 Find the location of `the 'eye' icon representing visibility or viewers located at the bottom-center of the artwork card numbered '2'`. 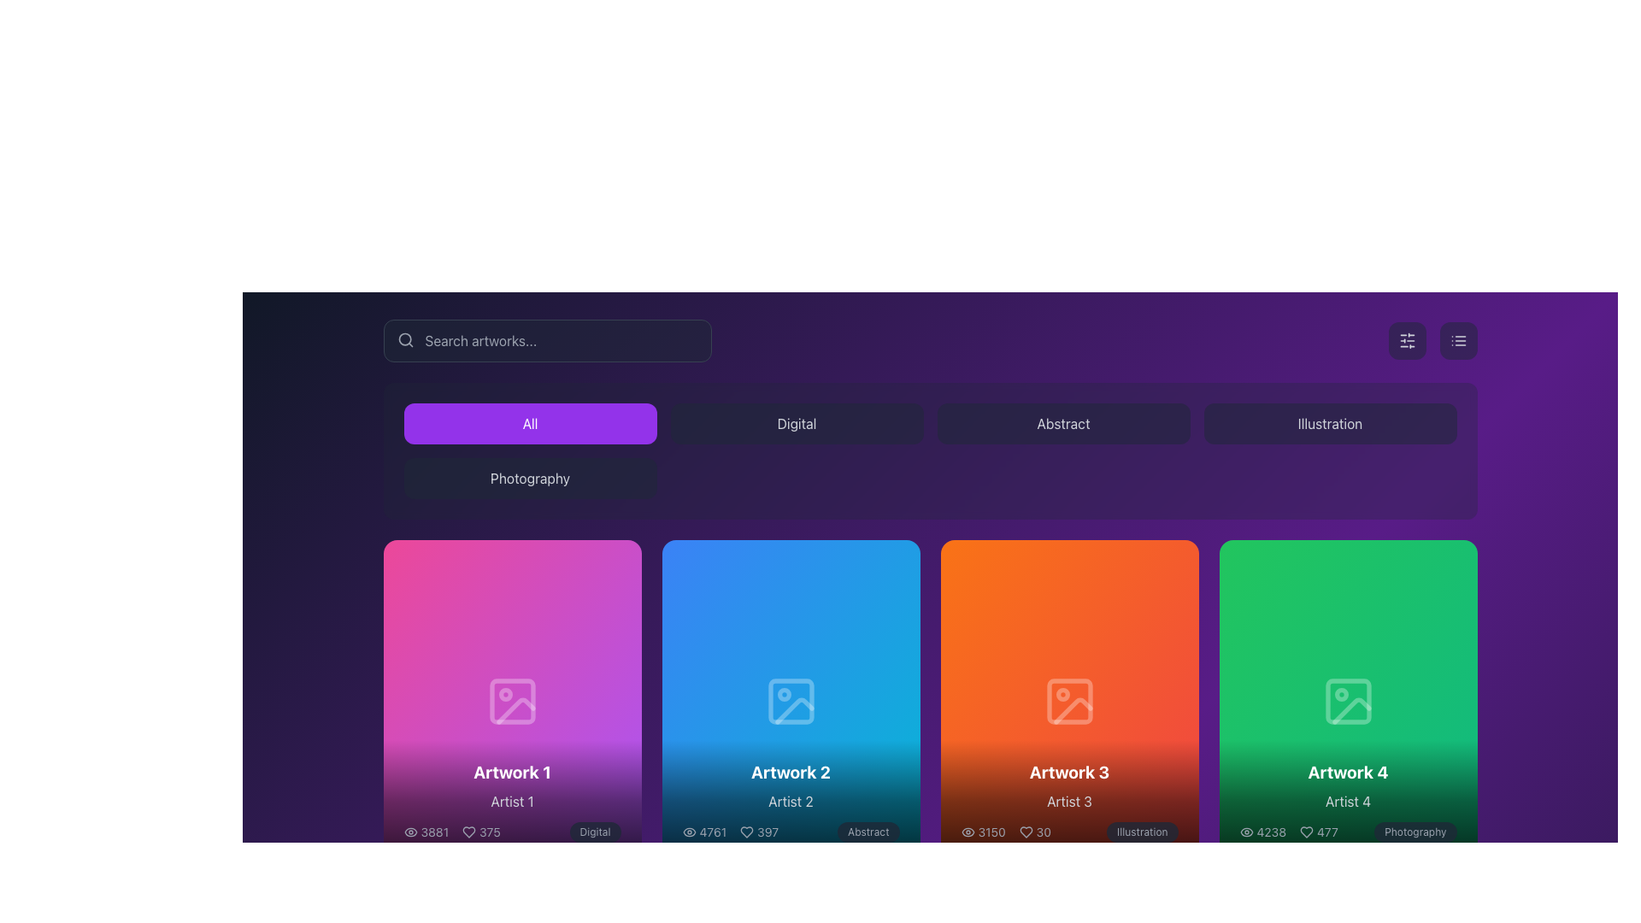

the 'eye' icon representing visibility or viewers located at the bottom-center of the artwork card numbered '2' is located at coordinates (689, 831).